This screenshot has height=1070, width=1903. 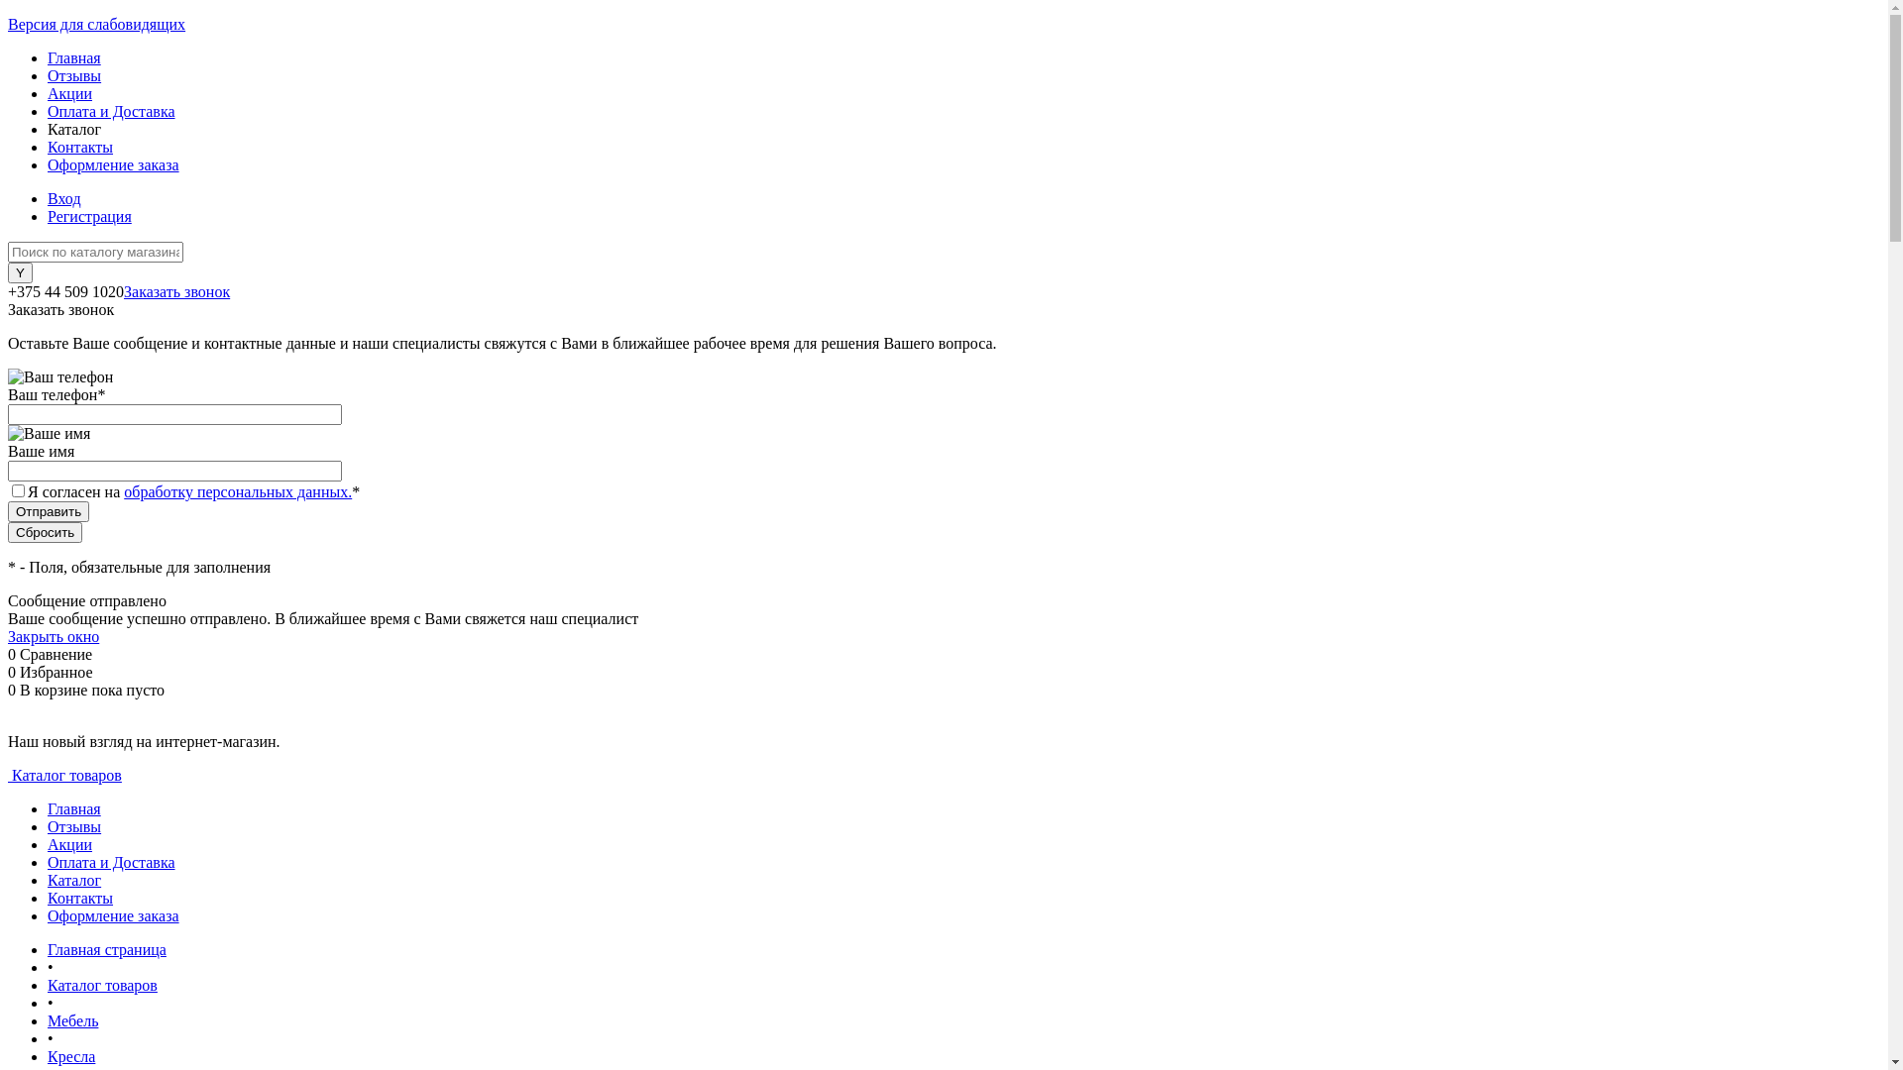 I want to click on '0', so click(x=14, y=689).